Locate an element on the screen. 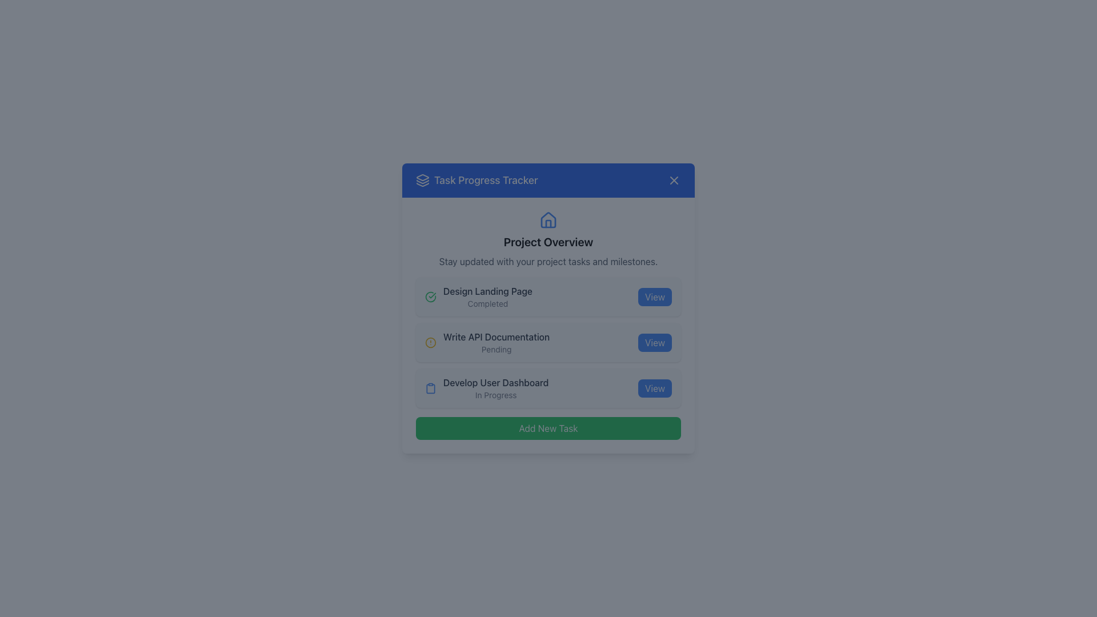  the Decorative SVG subcomponent located within the house icon above the 'Project Overview' header is located at coordinates (548, 224).